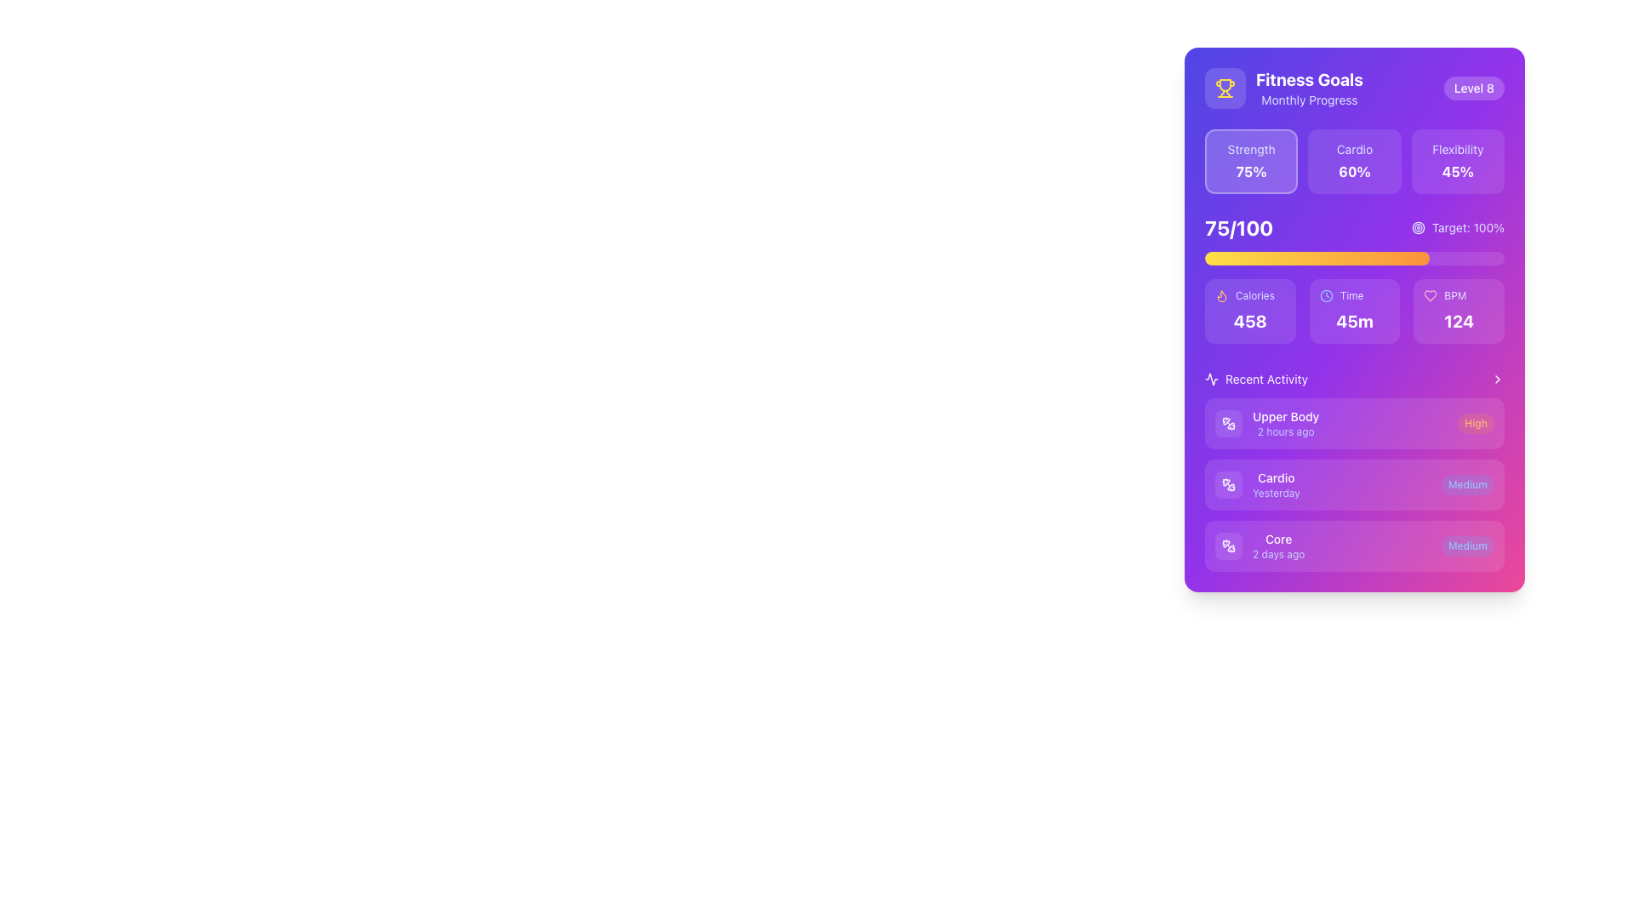 The image size is (1634, 919). I want to click on the 'Fitness Goals' text block located at the top right of the card-like UI component, which summarizes fitness tracking and progress reporting, so click(1308, 88).